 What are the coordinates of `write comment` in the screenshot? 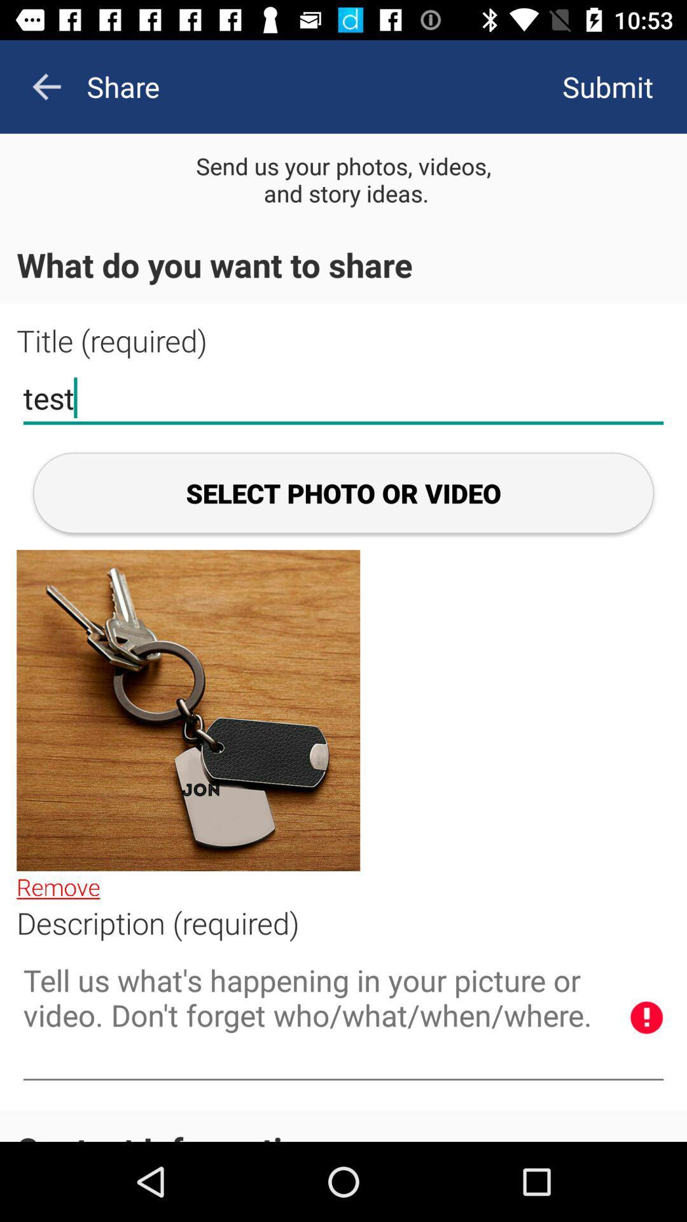 It's located at (343, 1018).